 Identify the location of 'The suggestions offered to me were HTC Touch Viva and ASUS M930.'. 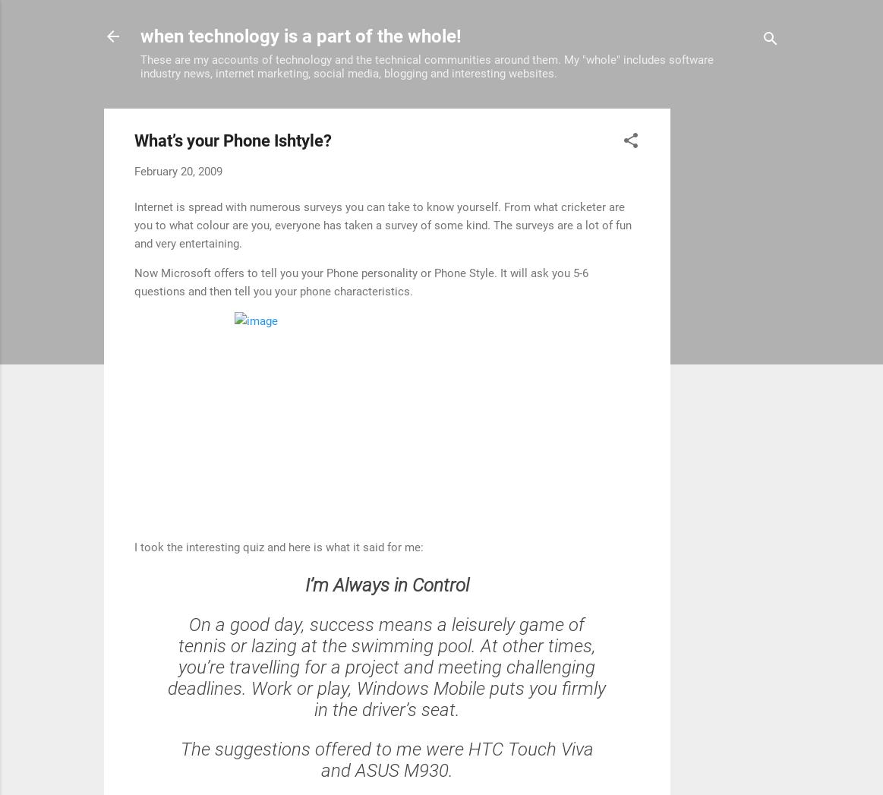
(386, 758).